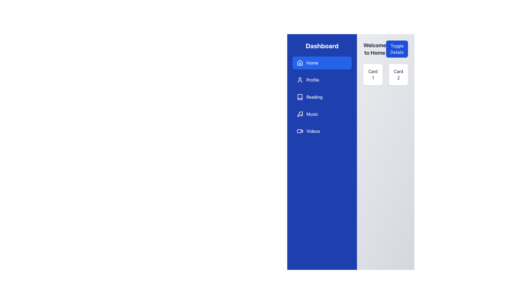 This screenshot has width=513, height=288. Describe the element at coordinates (300, 97) in the screenshot. I see `the small book icon located in the left navigation panel next to the 'Reading' label` at that location.